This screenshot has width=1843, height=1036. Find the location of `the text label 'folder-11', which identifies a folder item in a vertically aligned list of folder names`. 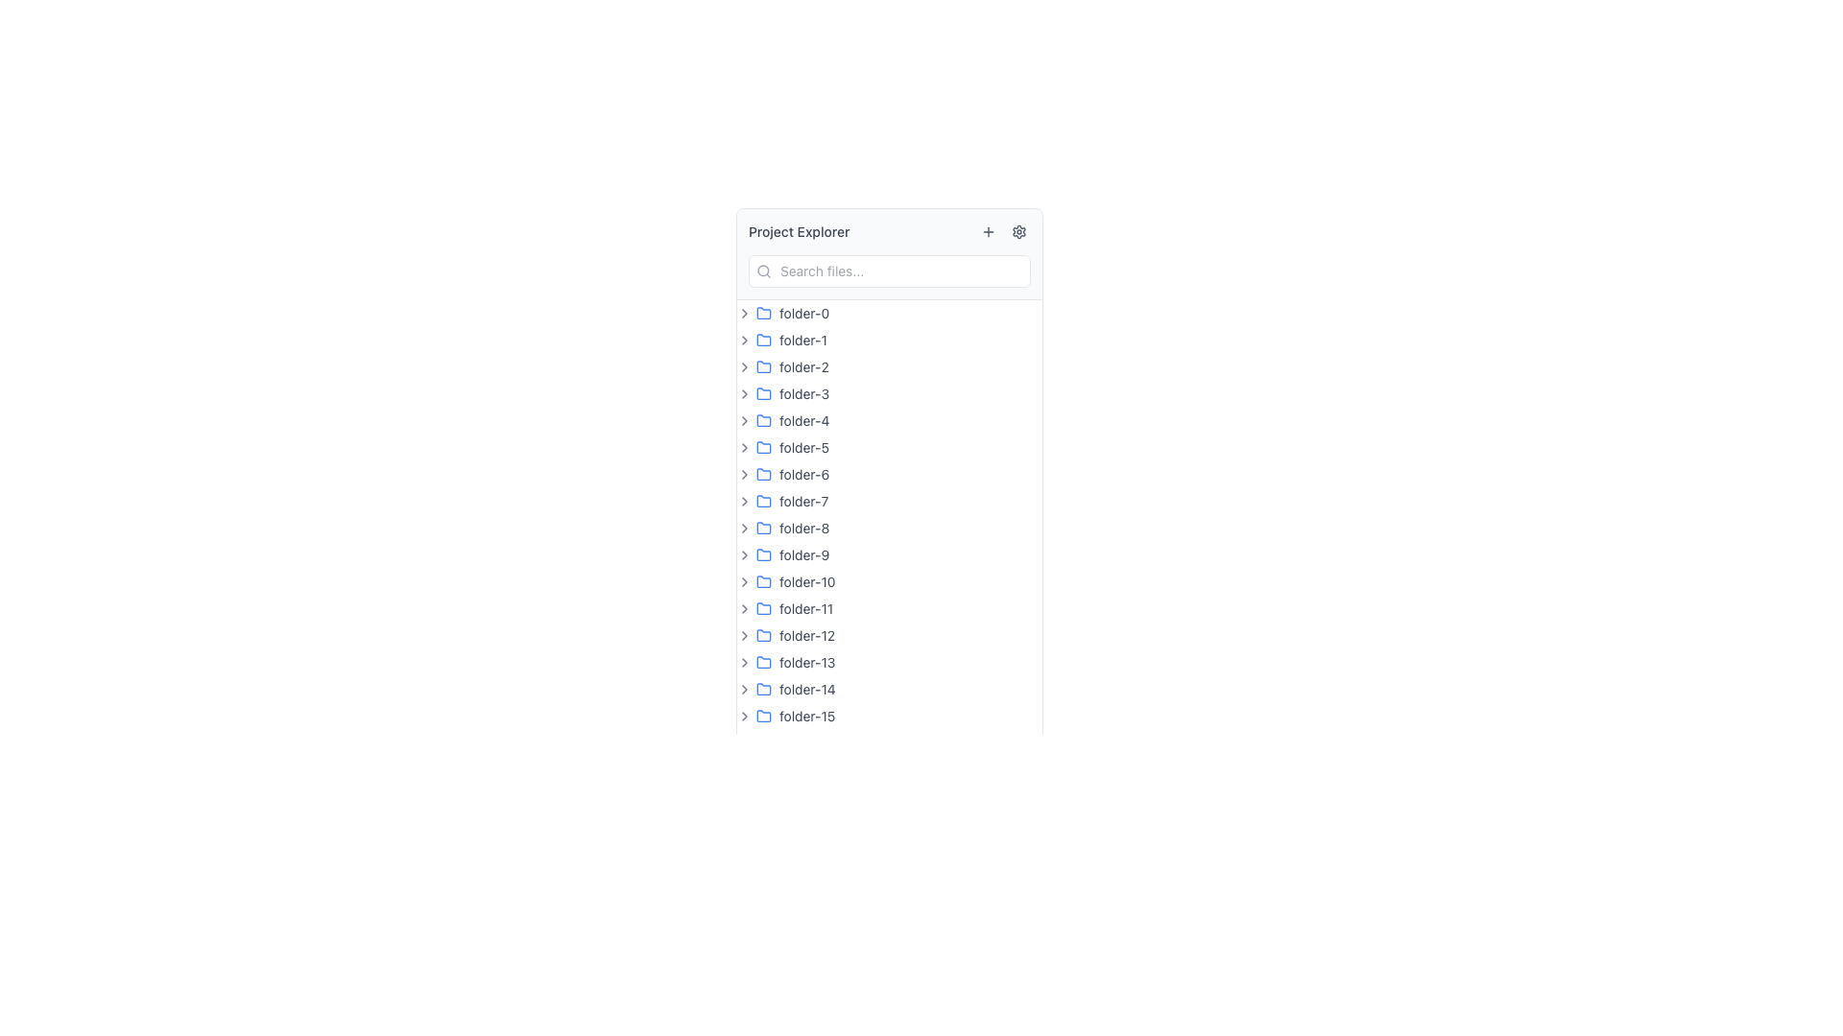

the text label 'folder-11', which identifies a folder item in a vertically aligned list of folder names is located at coordinates (806, 609).